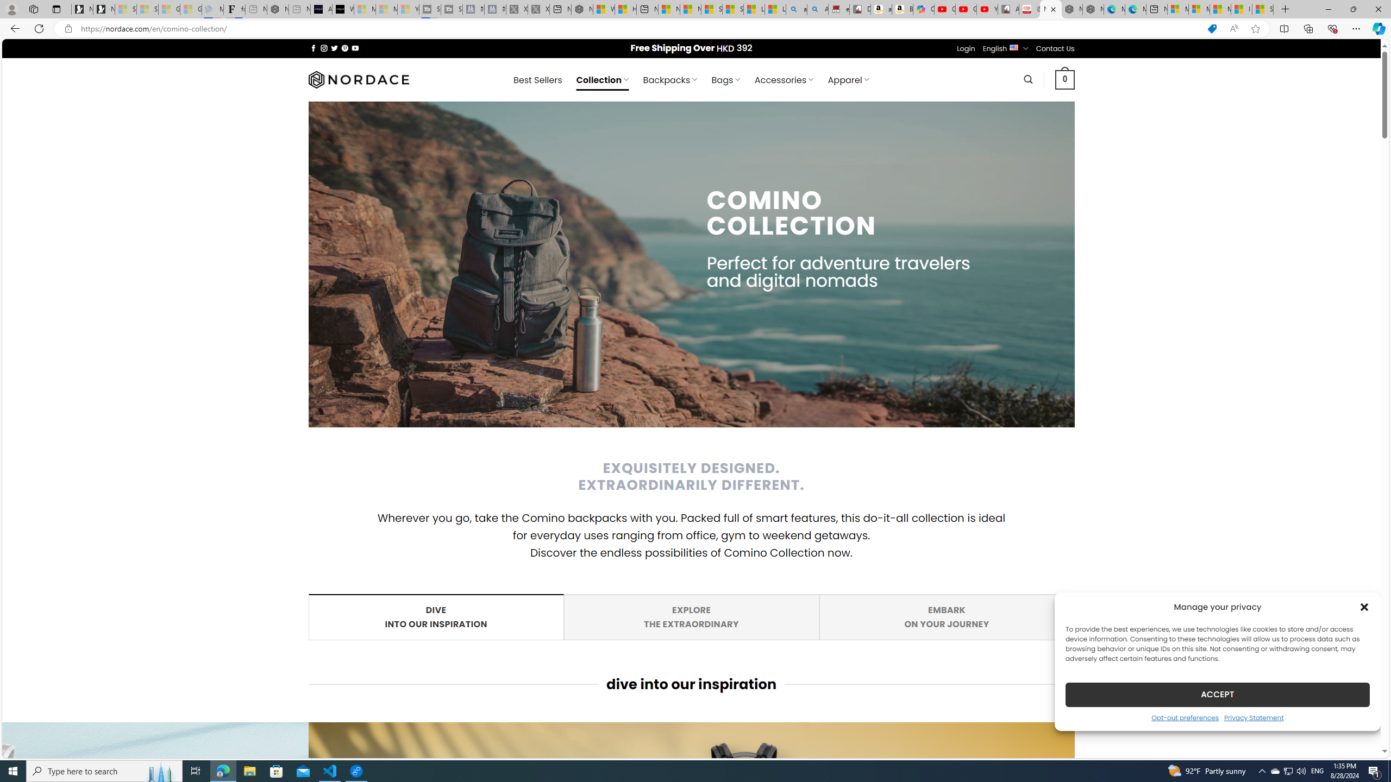 The width and height of the screenshot is (1391, 782). What do you see at coordinates (1050, 9) in the screenshot?
I see `'Nordace - Comino Collection'` at bounding box center [1050, 9].